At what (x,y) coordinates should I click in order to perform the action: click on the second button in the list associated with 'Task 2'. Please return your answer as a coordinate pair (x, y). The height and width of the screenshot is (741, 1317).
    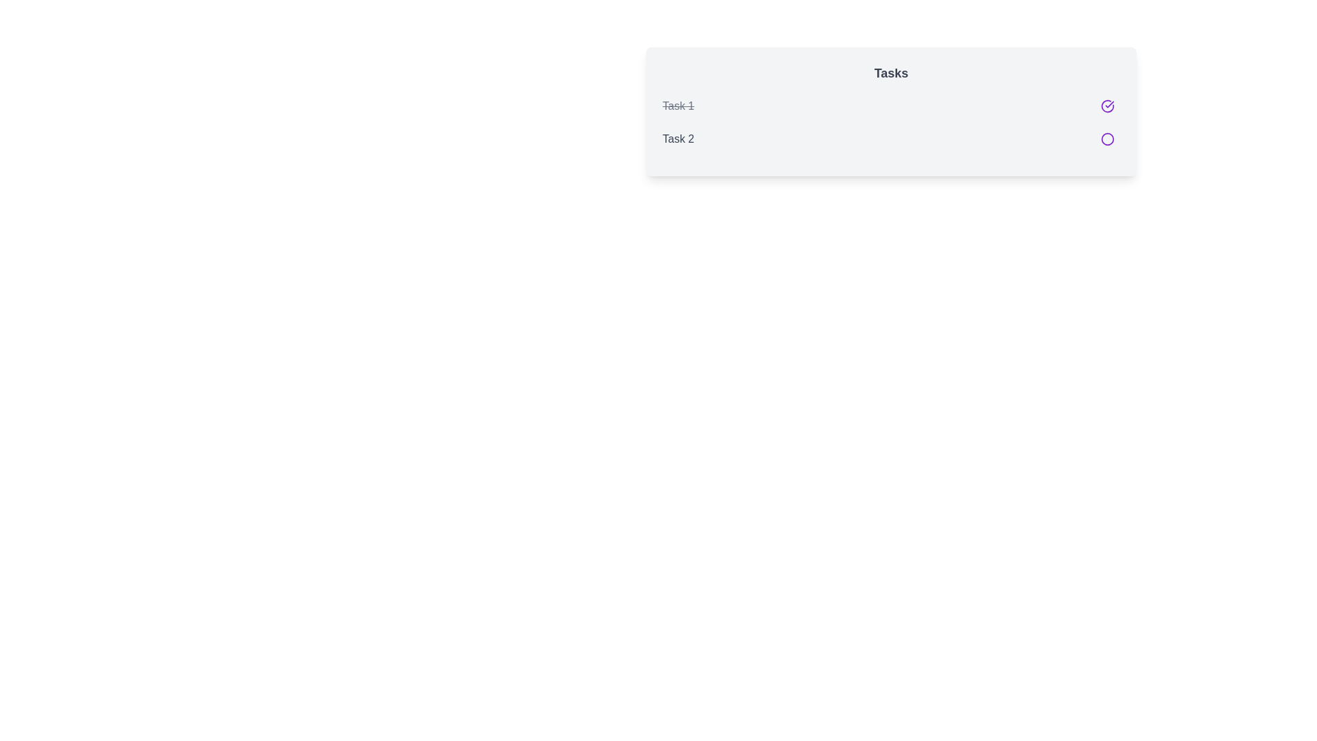
    Looking at the image, I should click on (1107, 139).